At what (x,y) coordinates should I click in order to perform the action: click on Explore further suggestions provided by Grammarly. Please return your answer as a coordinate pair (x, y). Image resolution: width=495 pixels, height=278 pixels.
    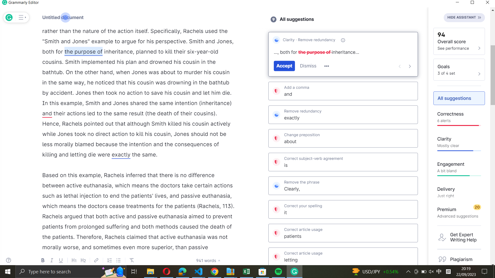
    Looking at the image, I should click on (326, 66).